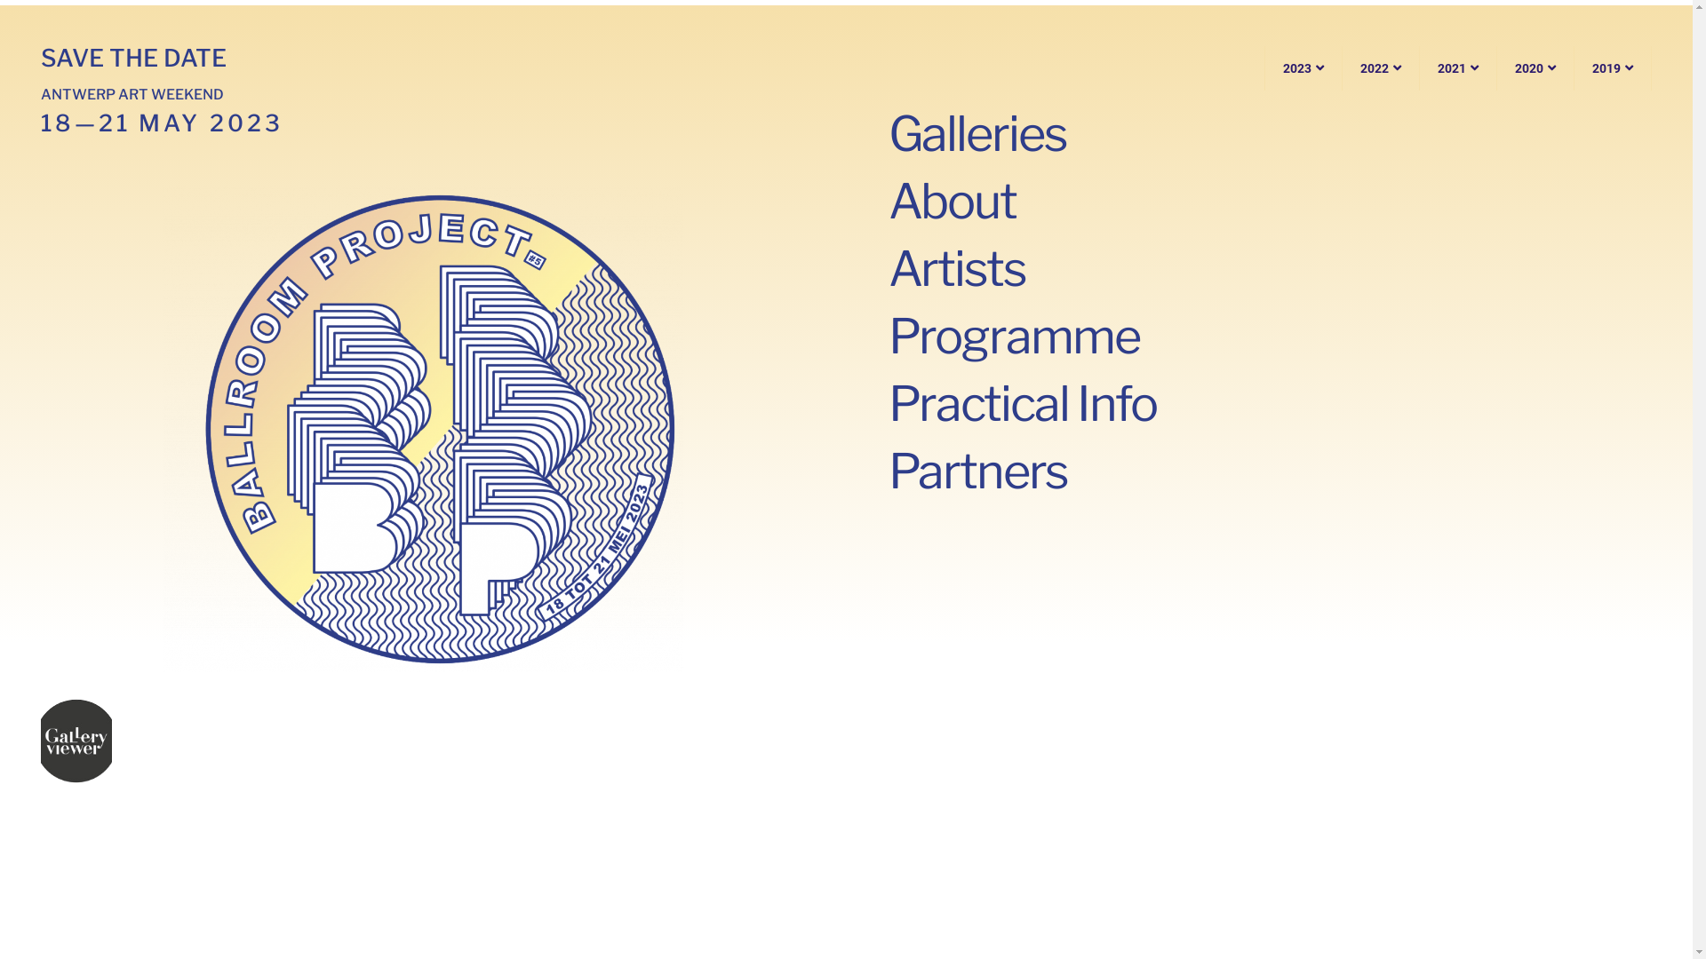 The height and width of the screenshot is (959, 1706). I want to click on '2021', so click(1458, 67).